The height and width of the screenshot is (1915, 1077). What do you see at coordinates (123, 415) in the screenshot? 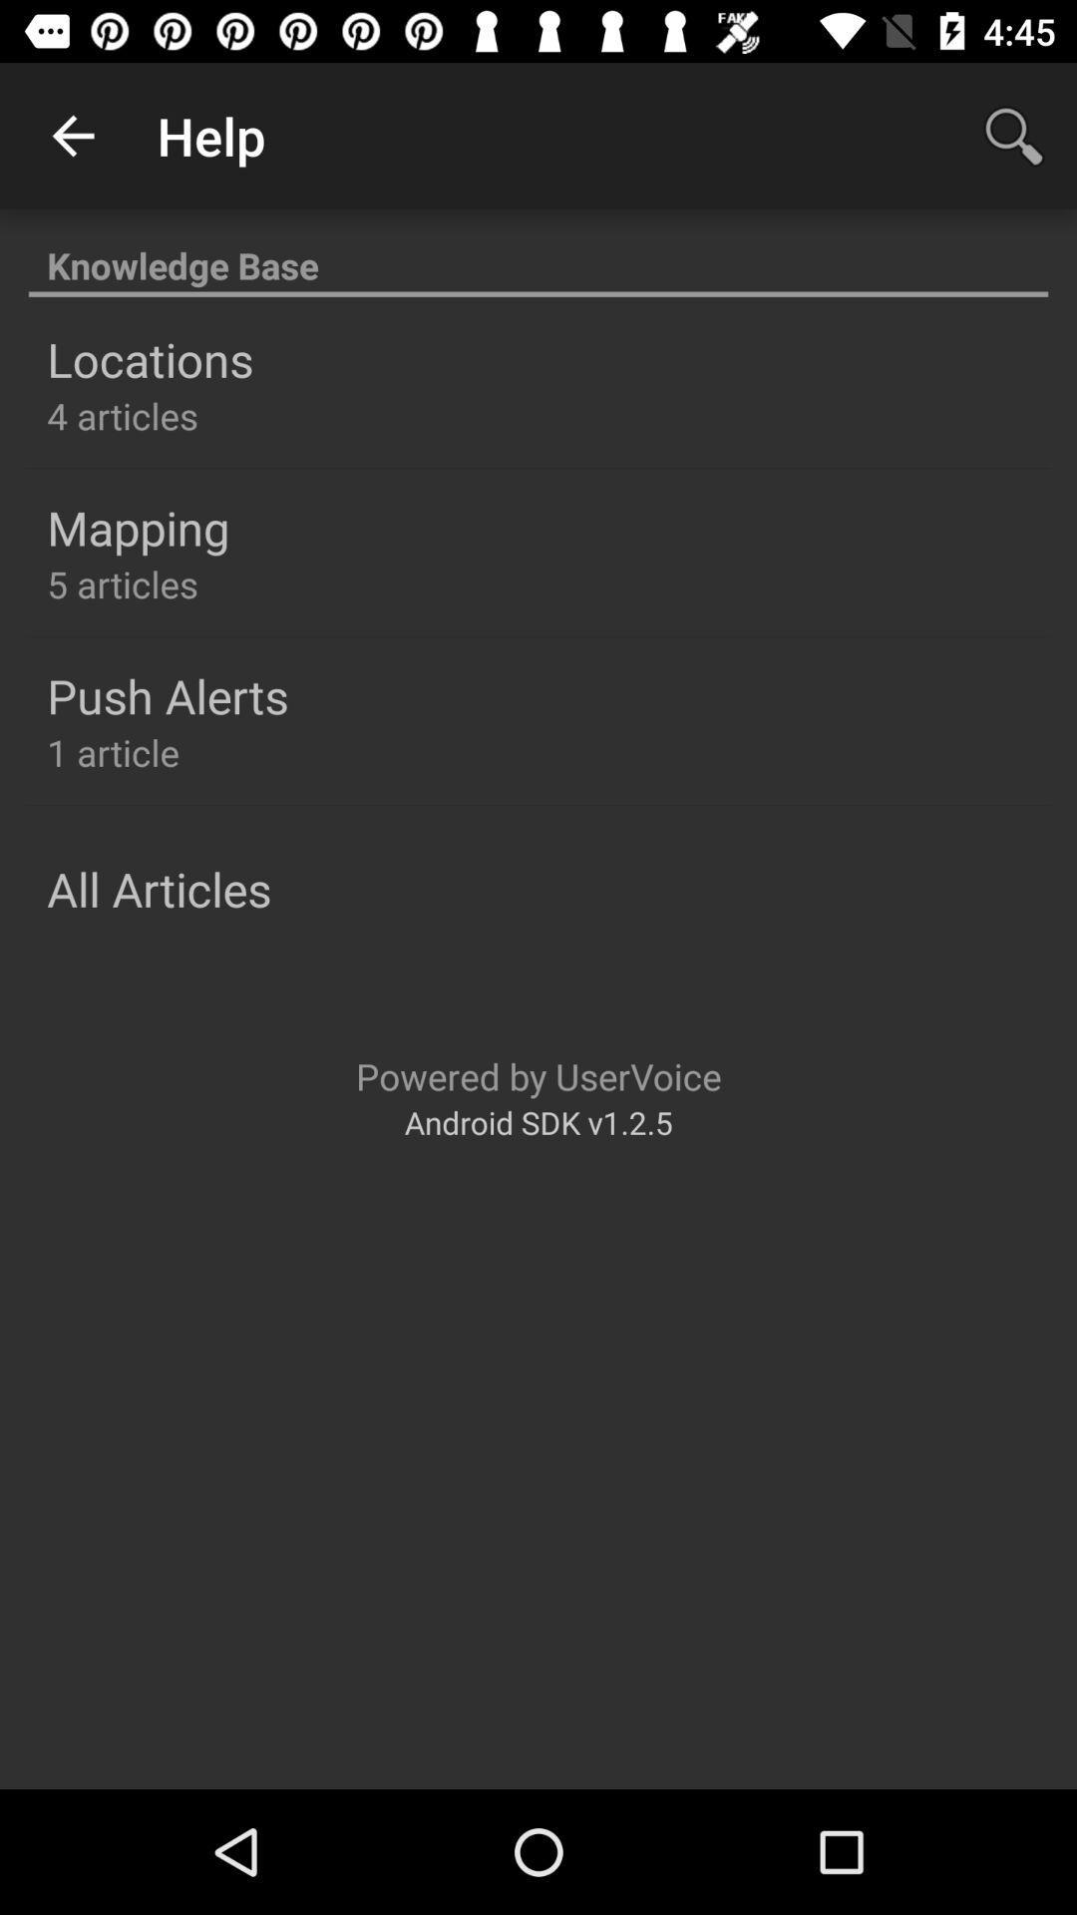
I see `the 4 articles icon` at bounding box center [123, 415].